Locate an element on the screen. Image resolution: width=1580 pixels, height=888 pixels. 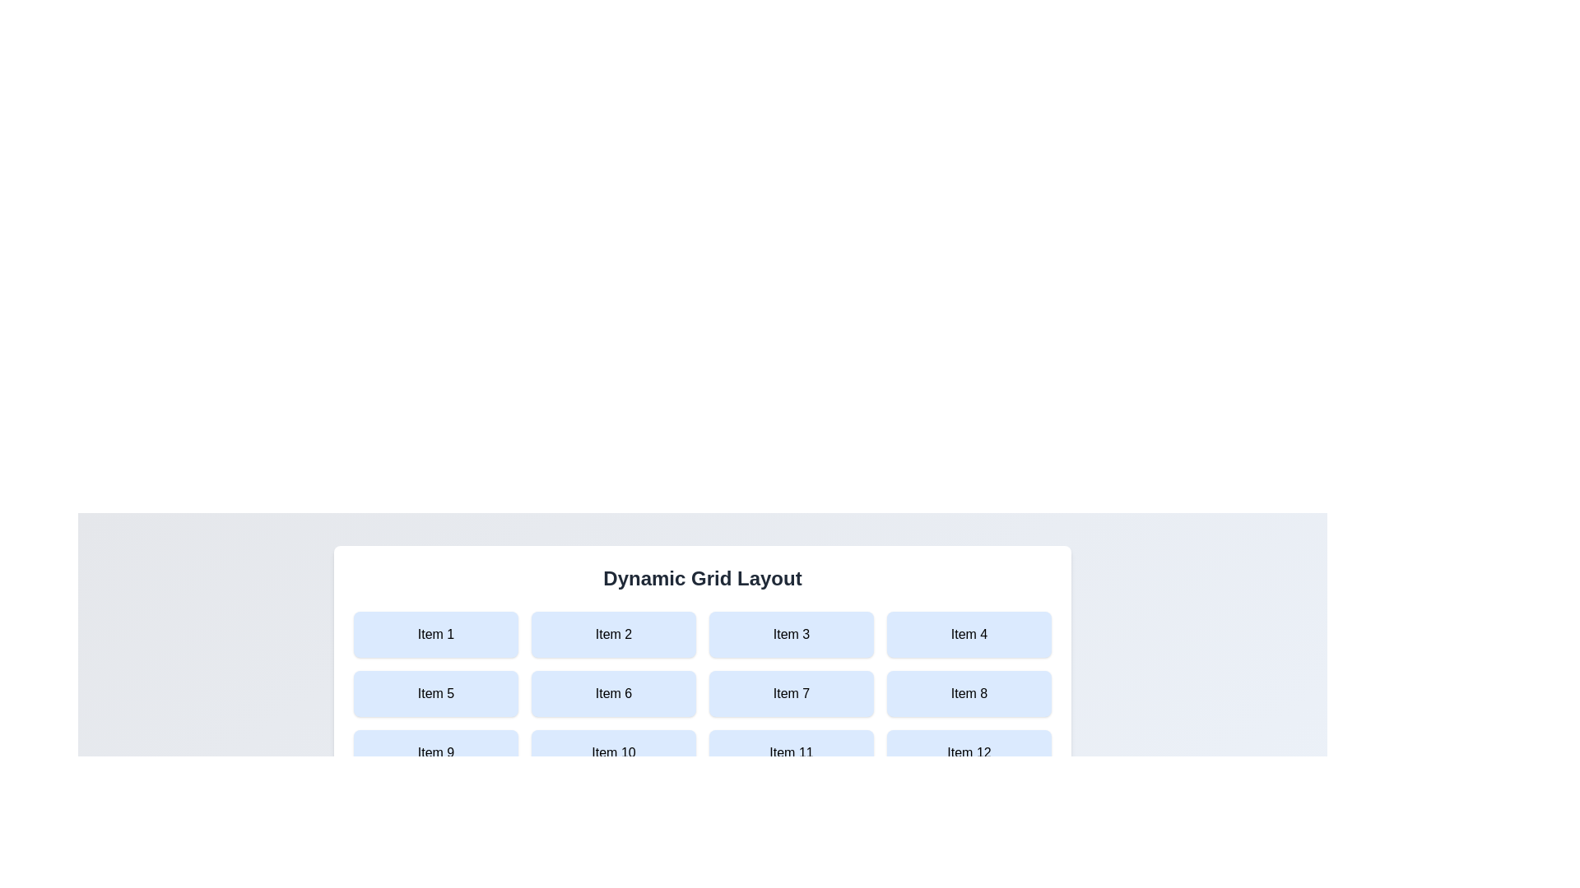
the grid item labeled 'Item 9' located in the third row and first column of the 'Dynamic Grid Layout' is located at coordinates (435, 752).